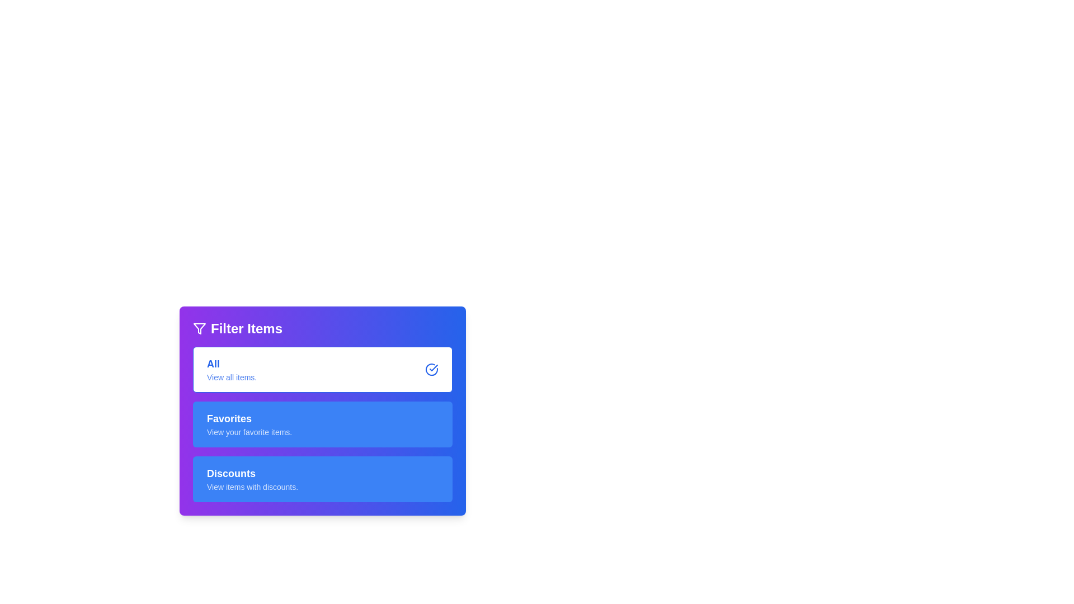 The width and height of the screenshot is (1074, 604). I want to click on the 'Discounts' text label, which is styled in bold white font on a blue background and located under the 'Filter Items' header, positioned as the third item in a vertical list, so click(252, 474).